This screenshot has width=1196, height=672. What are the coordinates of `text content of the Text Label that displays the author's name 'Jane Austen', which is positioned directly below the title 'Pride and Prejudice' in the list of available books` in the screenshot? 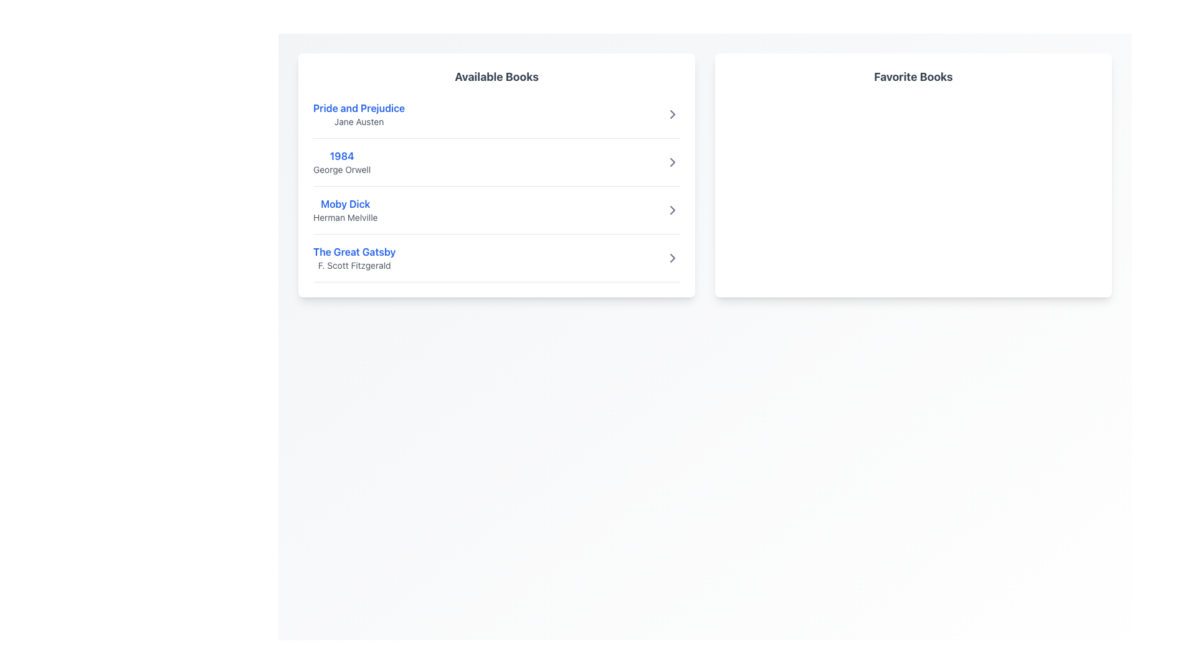 It's located at (358, 122).